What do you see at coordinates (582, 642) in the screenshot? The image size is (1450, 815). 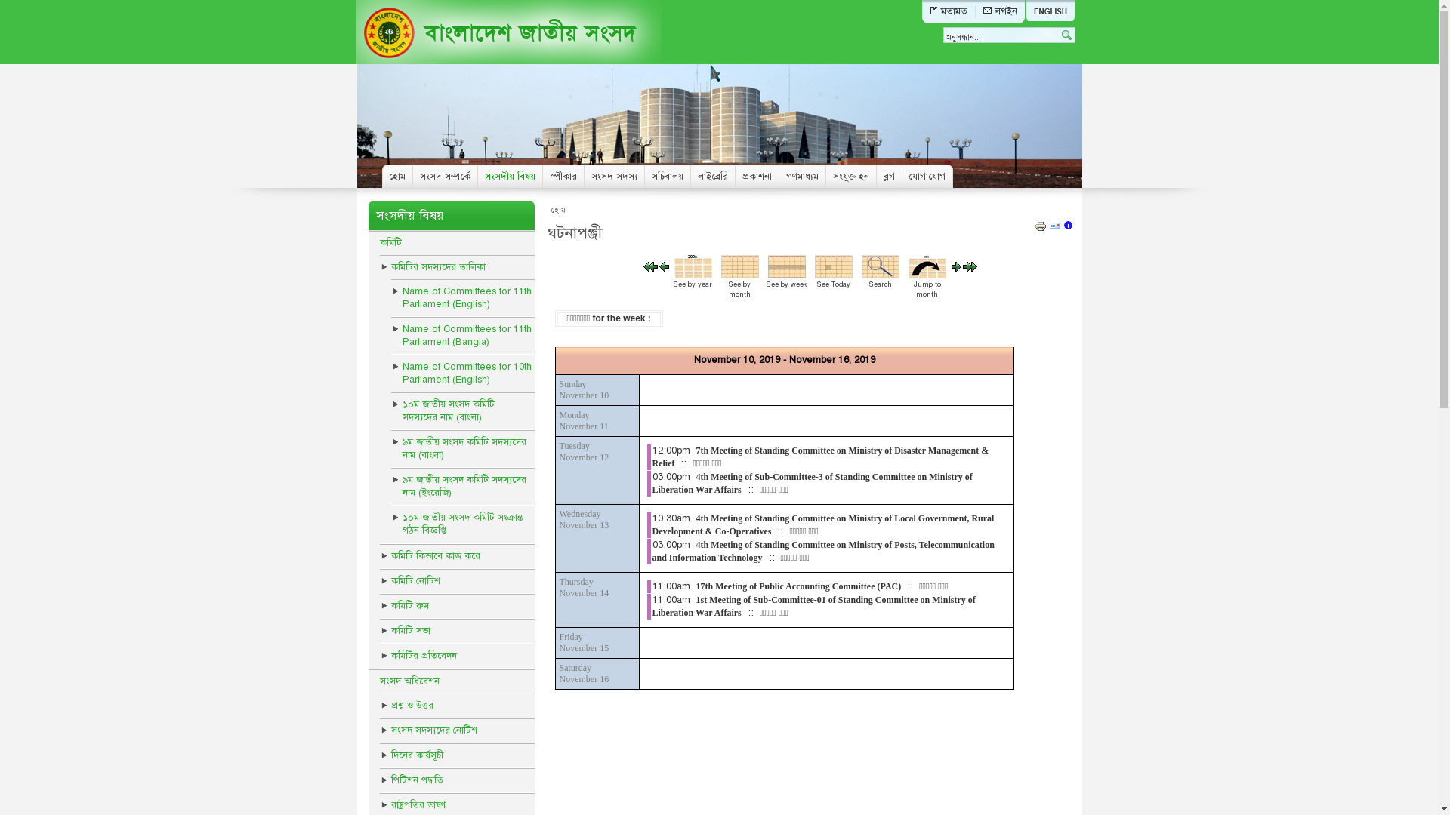 I see `'Friday` at bounding box center [582, 642].